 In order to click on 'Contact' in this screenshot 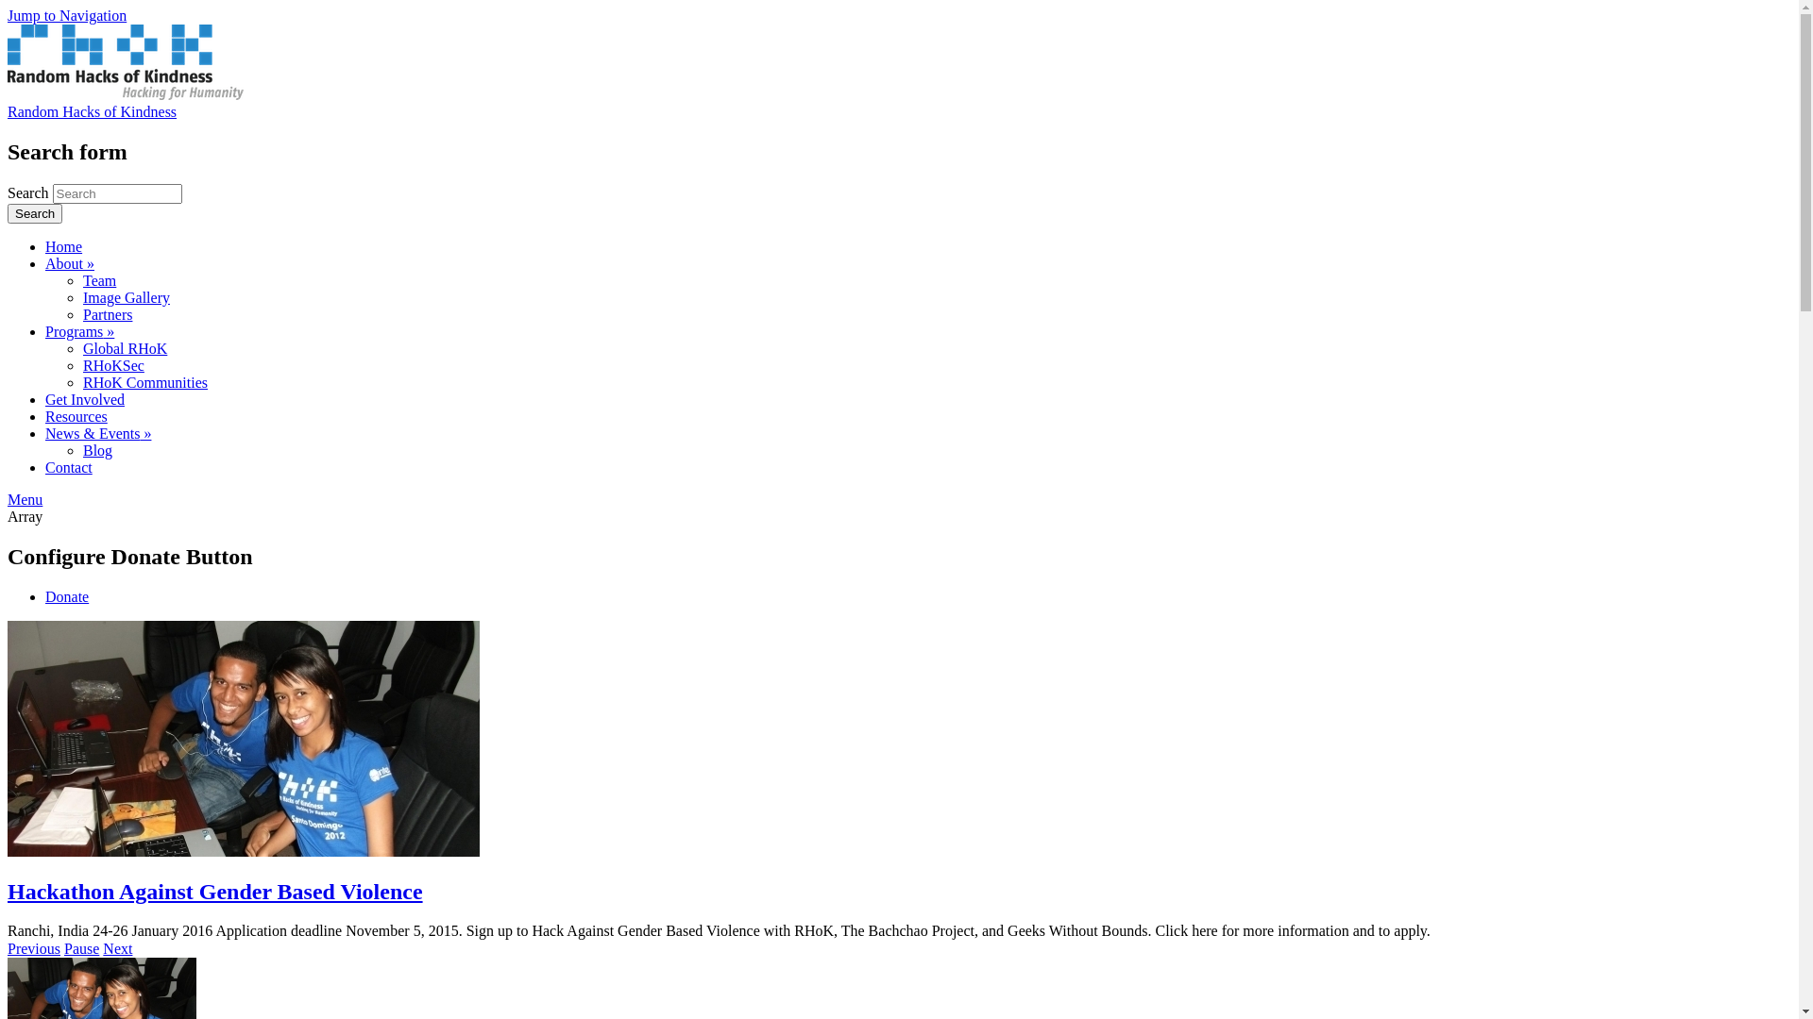, I will do `click(68, 467)`.